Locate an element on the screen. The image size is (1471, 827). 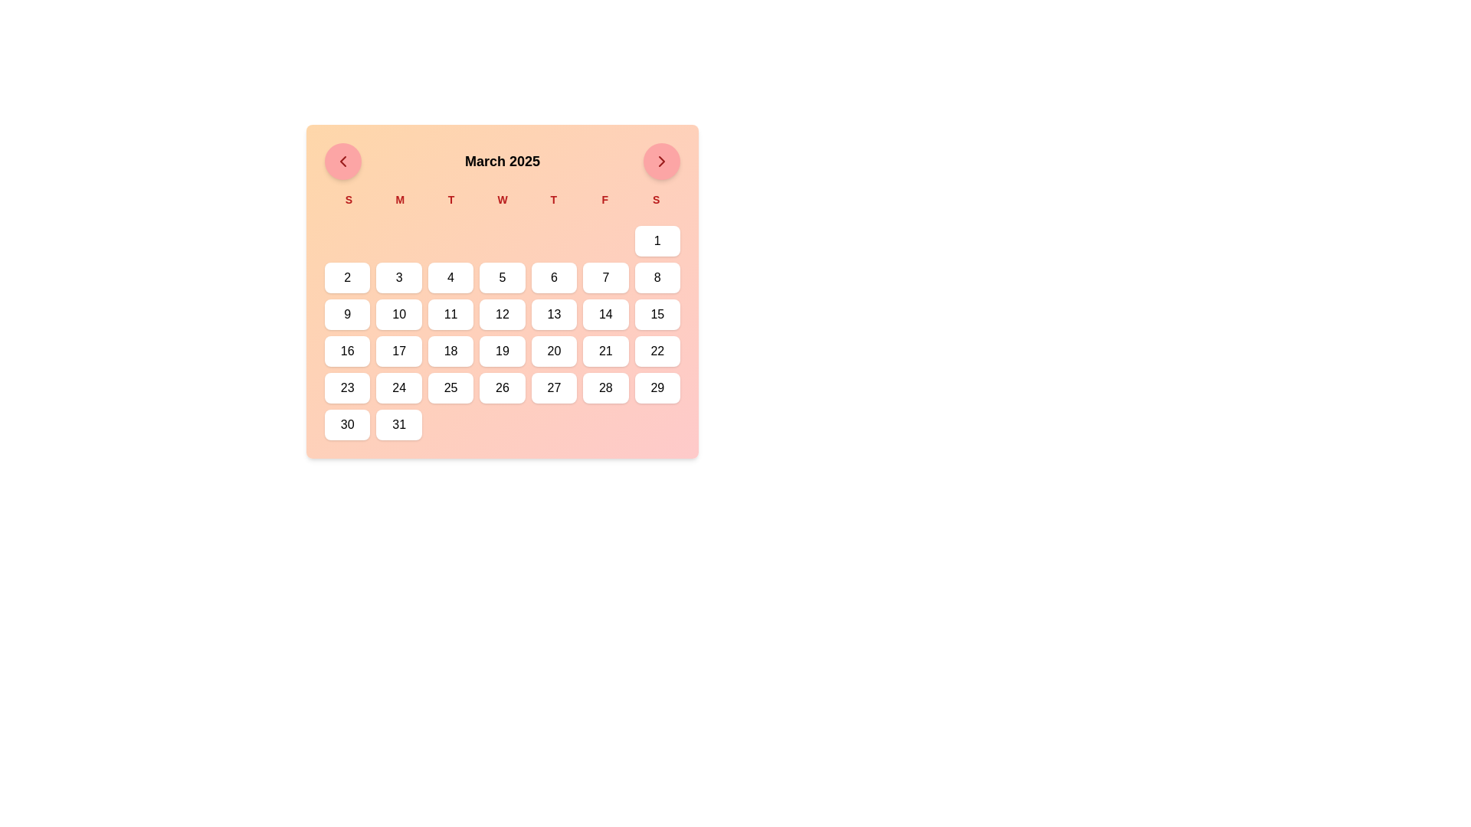
the rectangular button with rounded edges displaying the number '1' to trigger a hover effect is located at coordinates (657, 241).